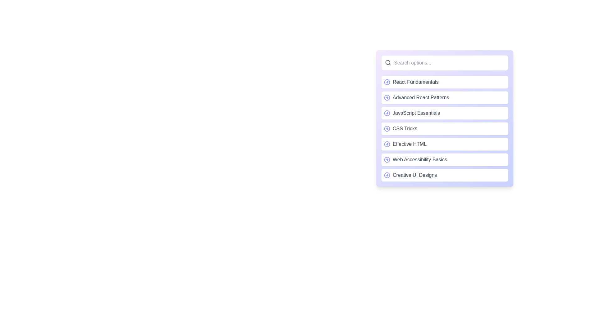 This screenshot has width=597, height=335. What do you see at coordinates (386, 128) in the screenshot?
I see `the SVG icon associated with the 'CSS Tricks' entry in the vertical list` at bounding box center [386, 128].